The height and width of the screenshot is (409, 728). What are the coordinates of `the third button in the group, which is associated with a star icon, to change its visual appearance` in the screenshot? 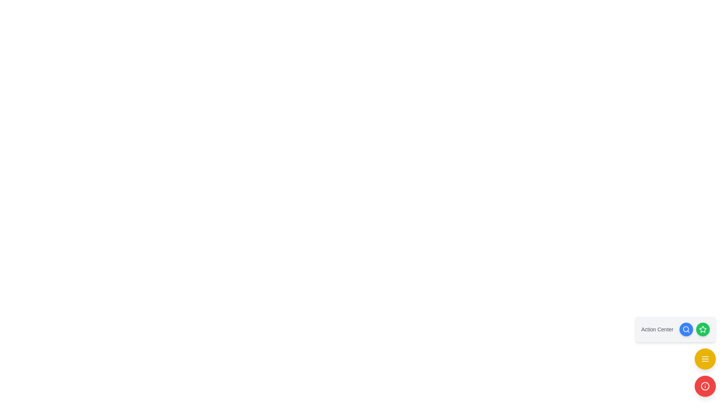 It's located at (702, 329).